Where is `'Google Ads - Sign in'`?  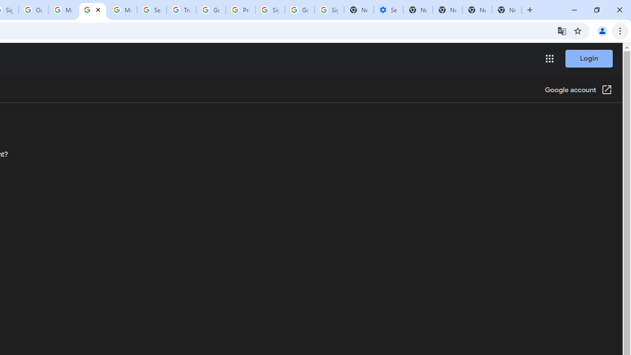
'Google Ads - Sign in' is located at coordinates (210, 10).